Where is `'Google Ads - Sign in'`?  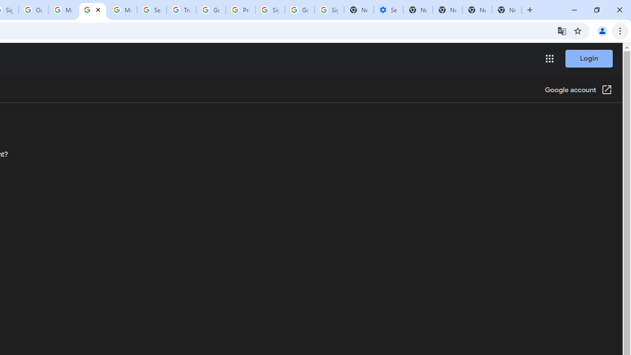
'Google Ads - Sign in' is located at coordinates (210, 10).